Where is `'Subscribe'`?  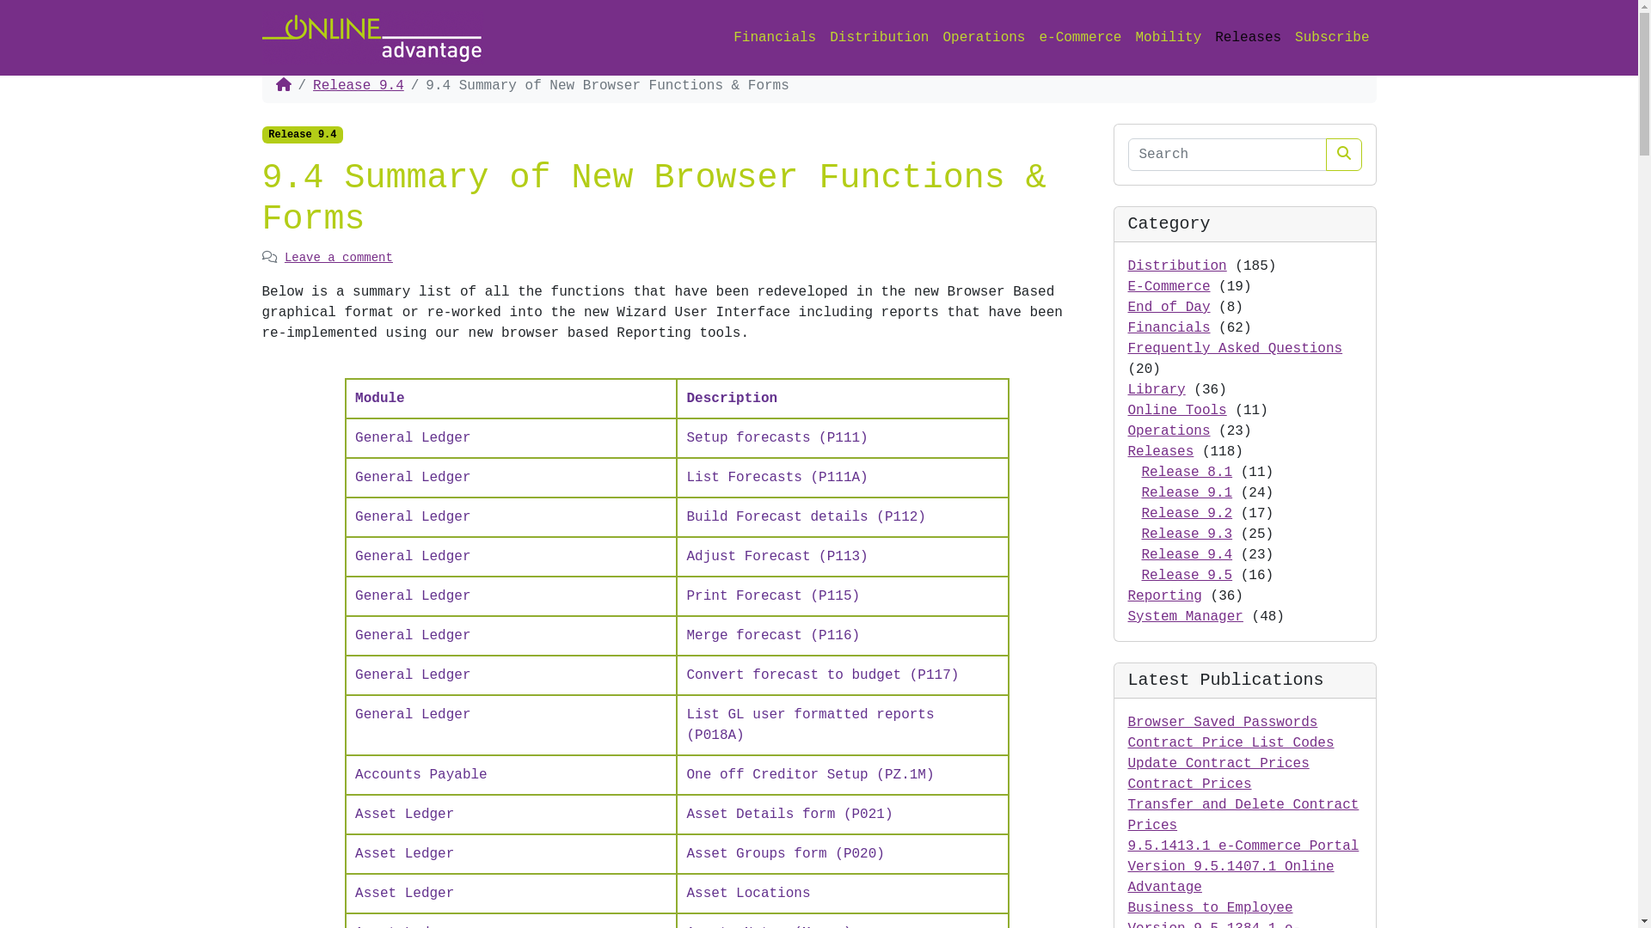 'Subscribe' is located at coordinates (1331, 37).